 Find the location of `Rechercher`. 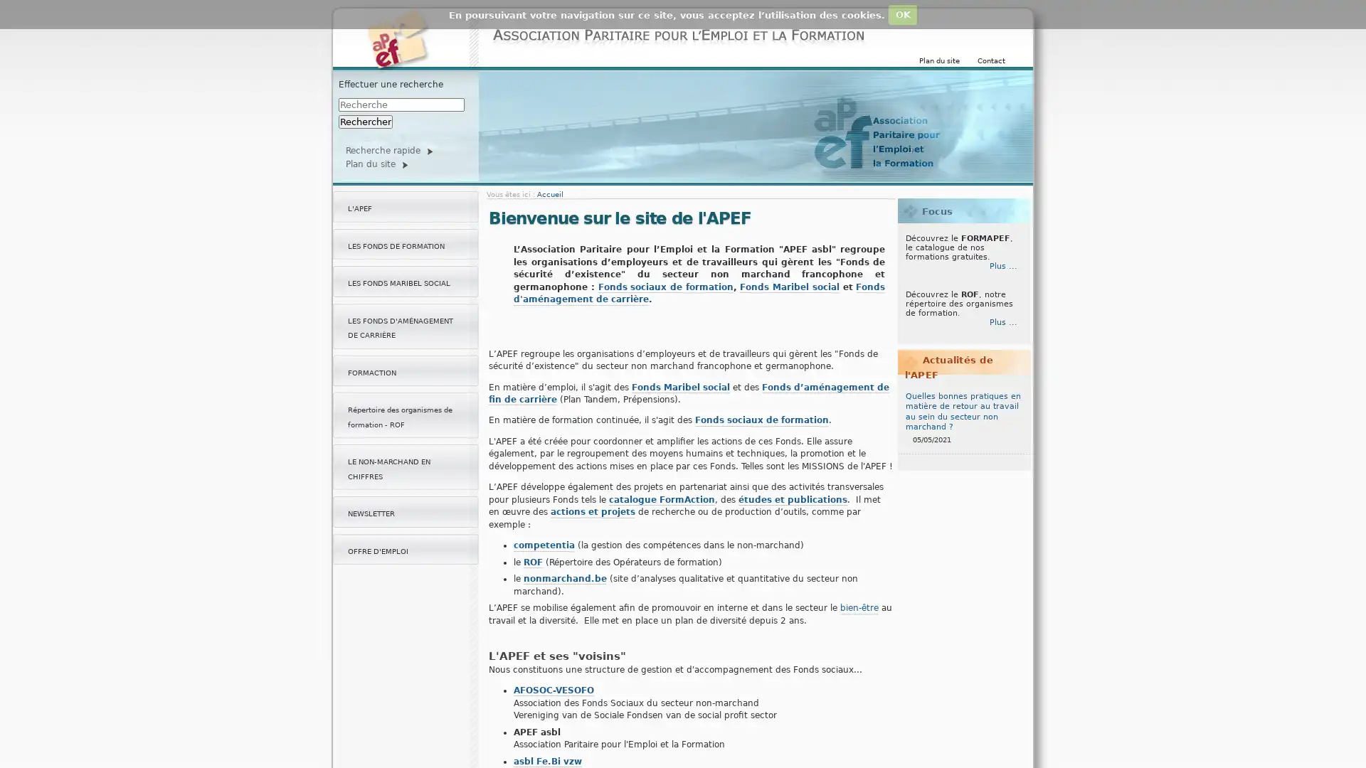

Rechercher is located at coordinates (365, 121).